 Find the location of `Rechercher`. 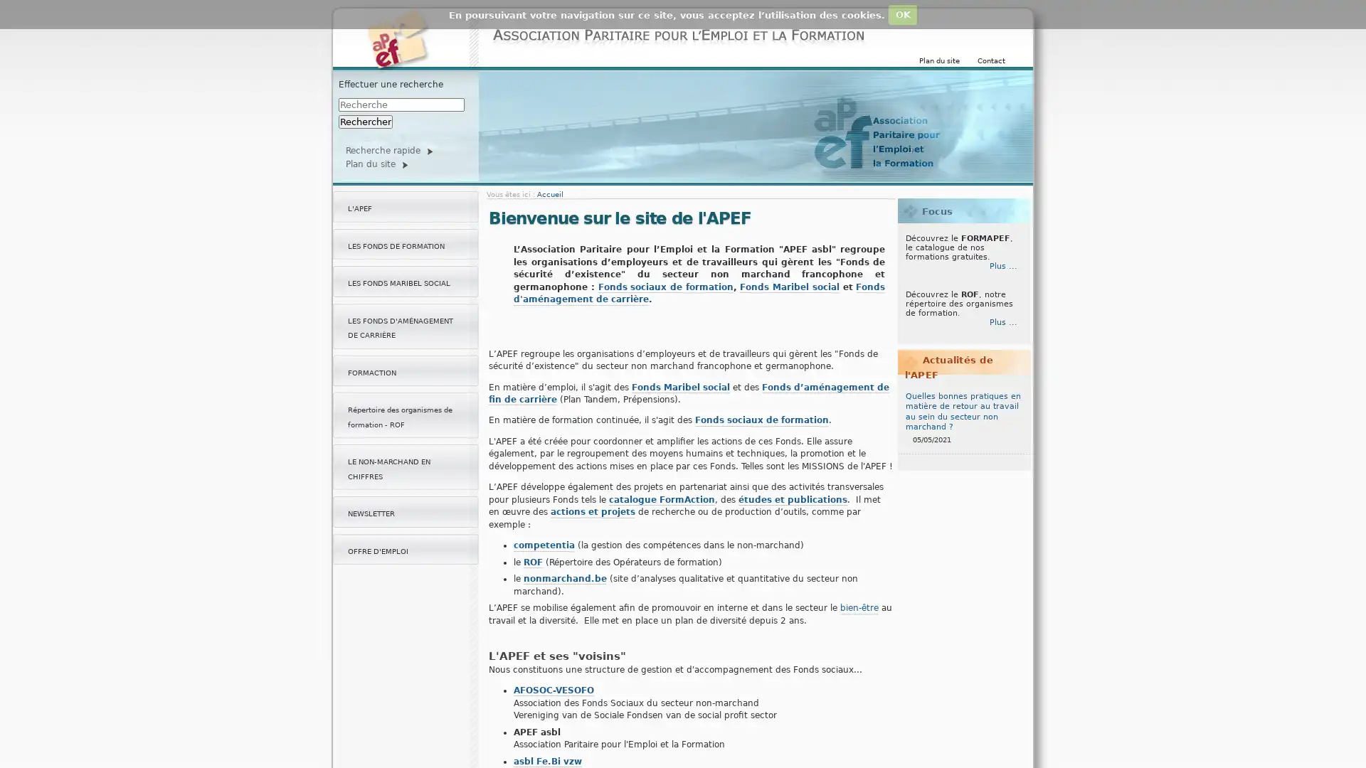

Rechercher is located at coordinates (365, 121).